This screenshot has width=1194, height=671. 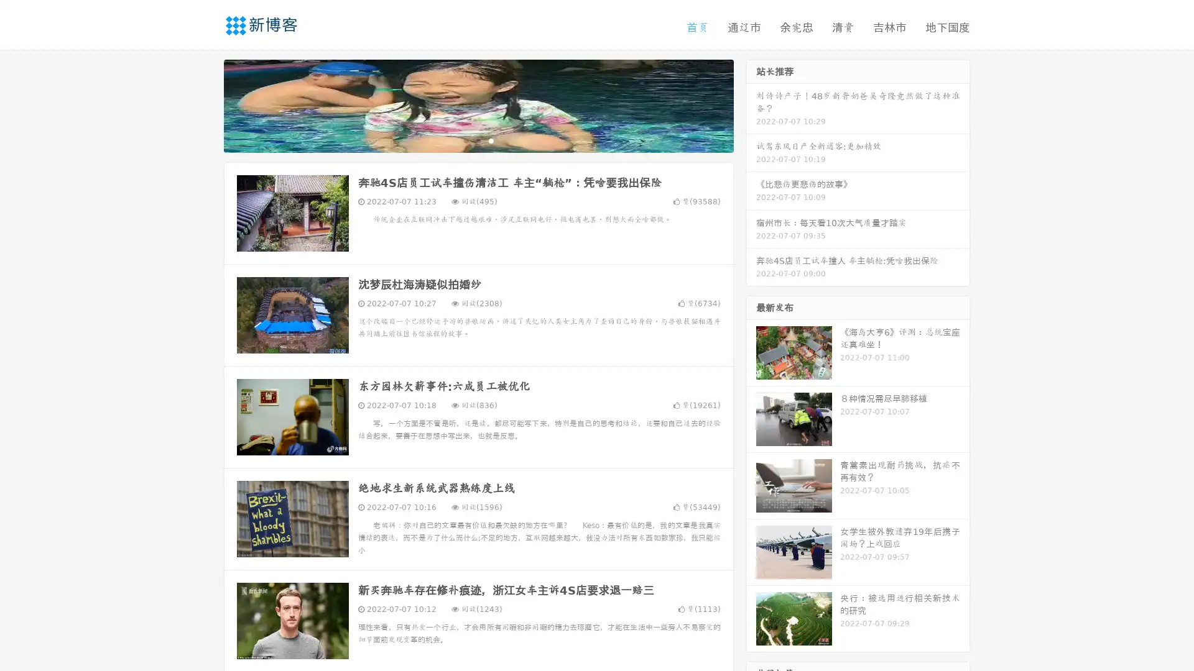 I want to click on Previous slide, so click(x=205, y=104).